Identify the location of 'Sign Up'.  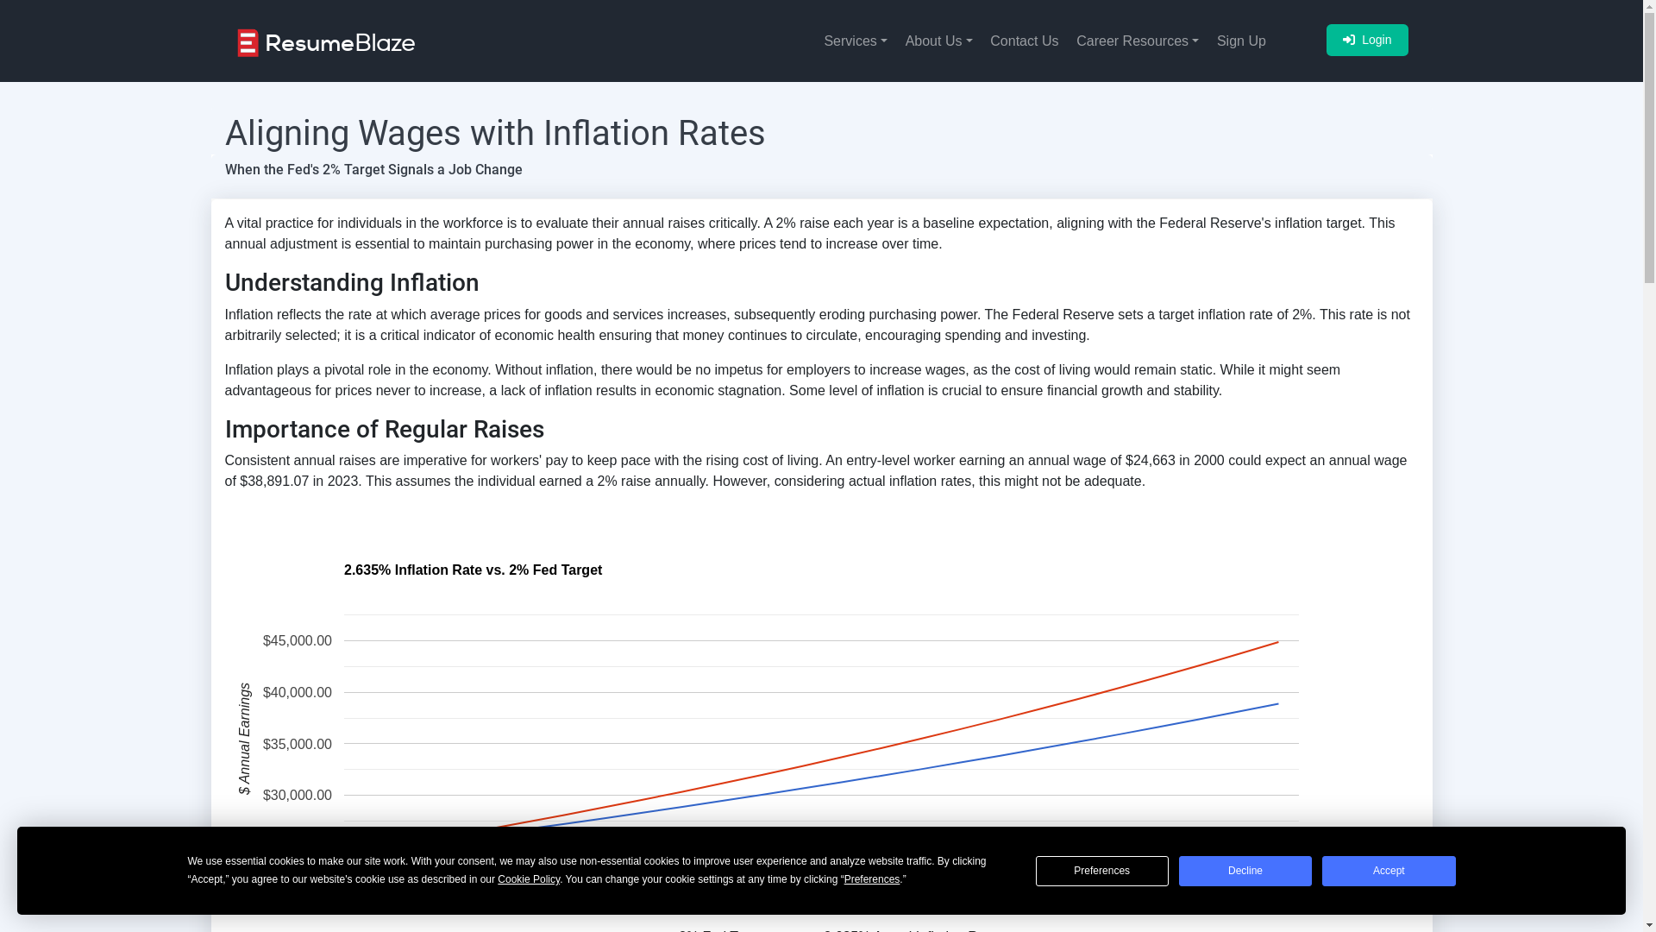
(1233, 40).